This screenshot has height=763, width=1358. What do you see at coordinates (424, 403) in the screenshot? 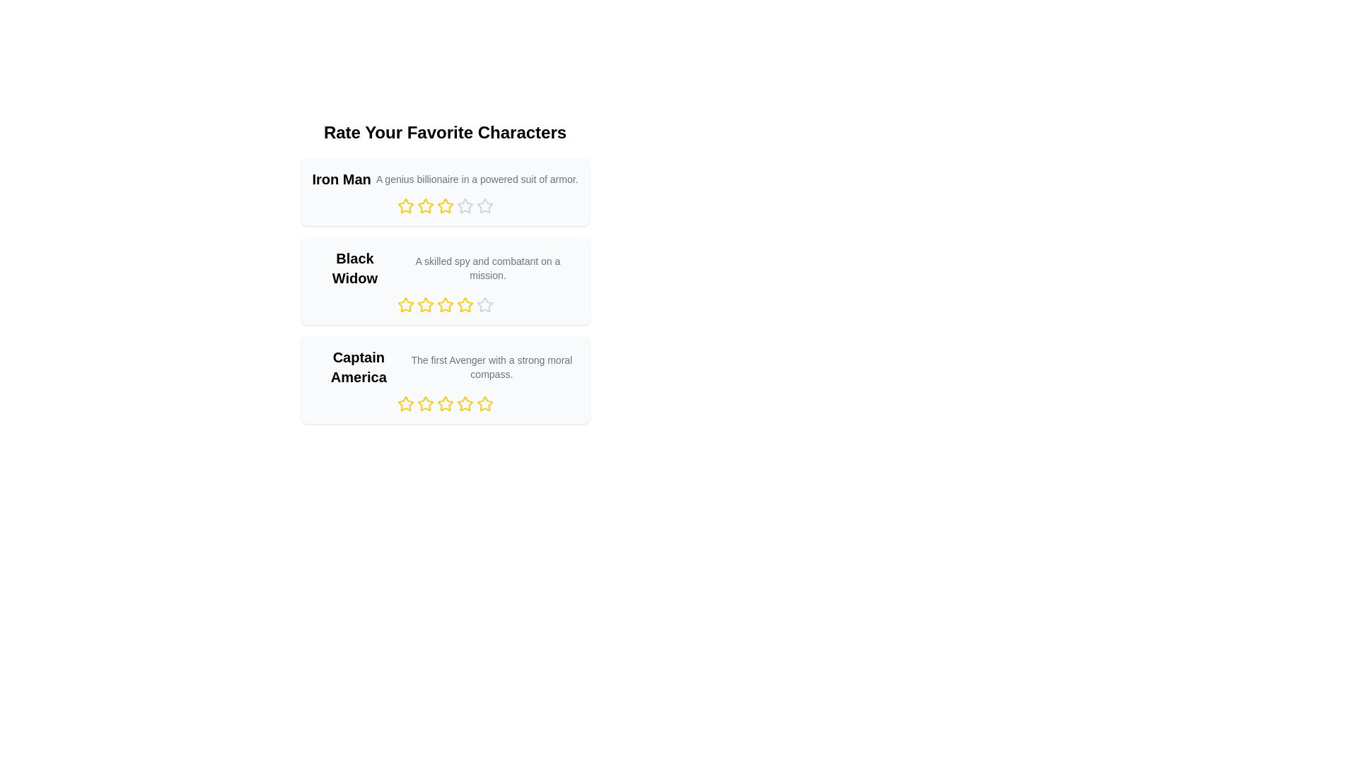
I see `the second star from the left in the star rating row under 'Captain America' to observe the animation` at bounding box center [424, 403].